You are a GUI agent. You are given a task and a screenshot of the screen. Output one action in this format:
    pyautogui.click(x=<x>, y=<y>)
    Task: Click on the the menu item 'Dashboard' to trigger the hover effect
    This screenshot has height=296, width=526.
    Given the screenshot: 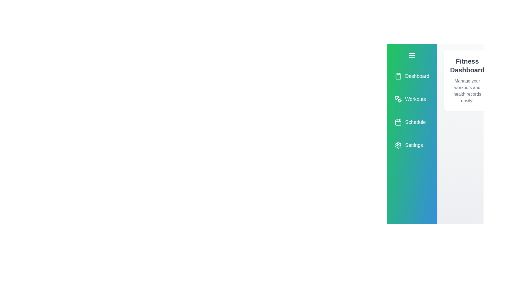 What is the action you would take?
    pyautogui.click(x=412, y=76)
    